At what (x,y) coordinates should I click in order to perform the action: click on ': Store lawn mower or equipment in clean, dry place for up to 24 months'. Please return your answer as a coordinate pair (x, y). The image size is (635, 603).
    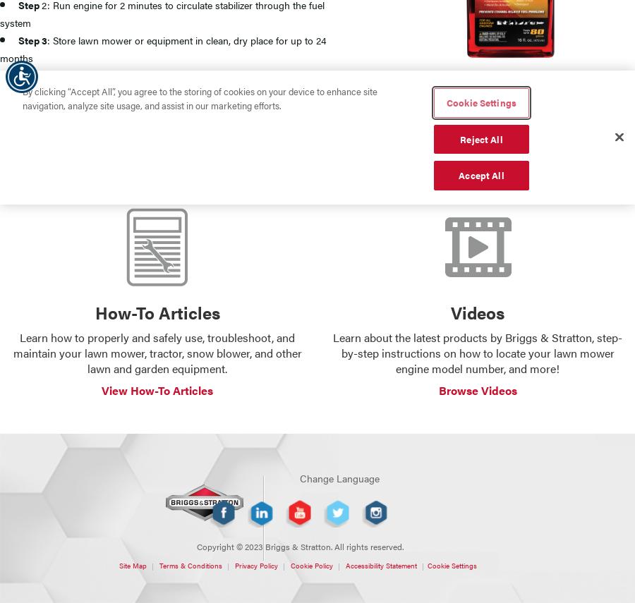
    Looking at the image, I should click on (162, 48).